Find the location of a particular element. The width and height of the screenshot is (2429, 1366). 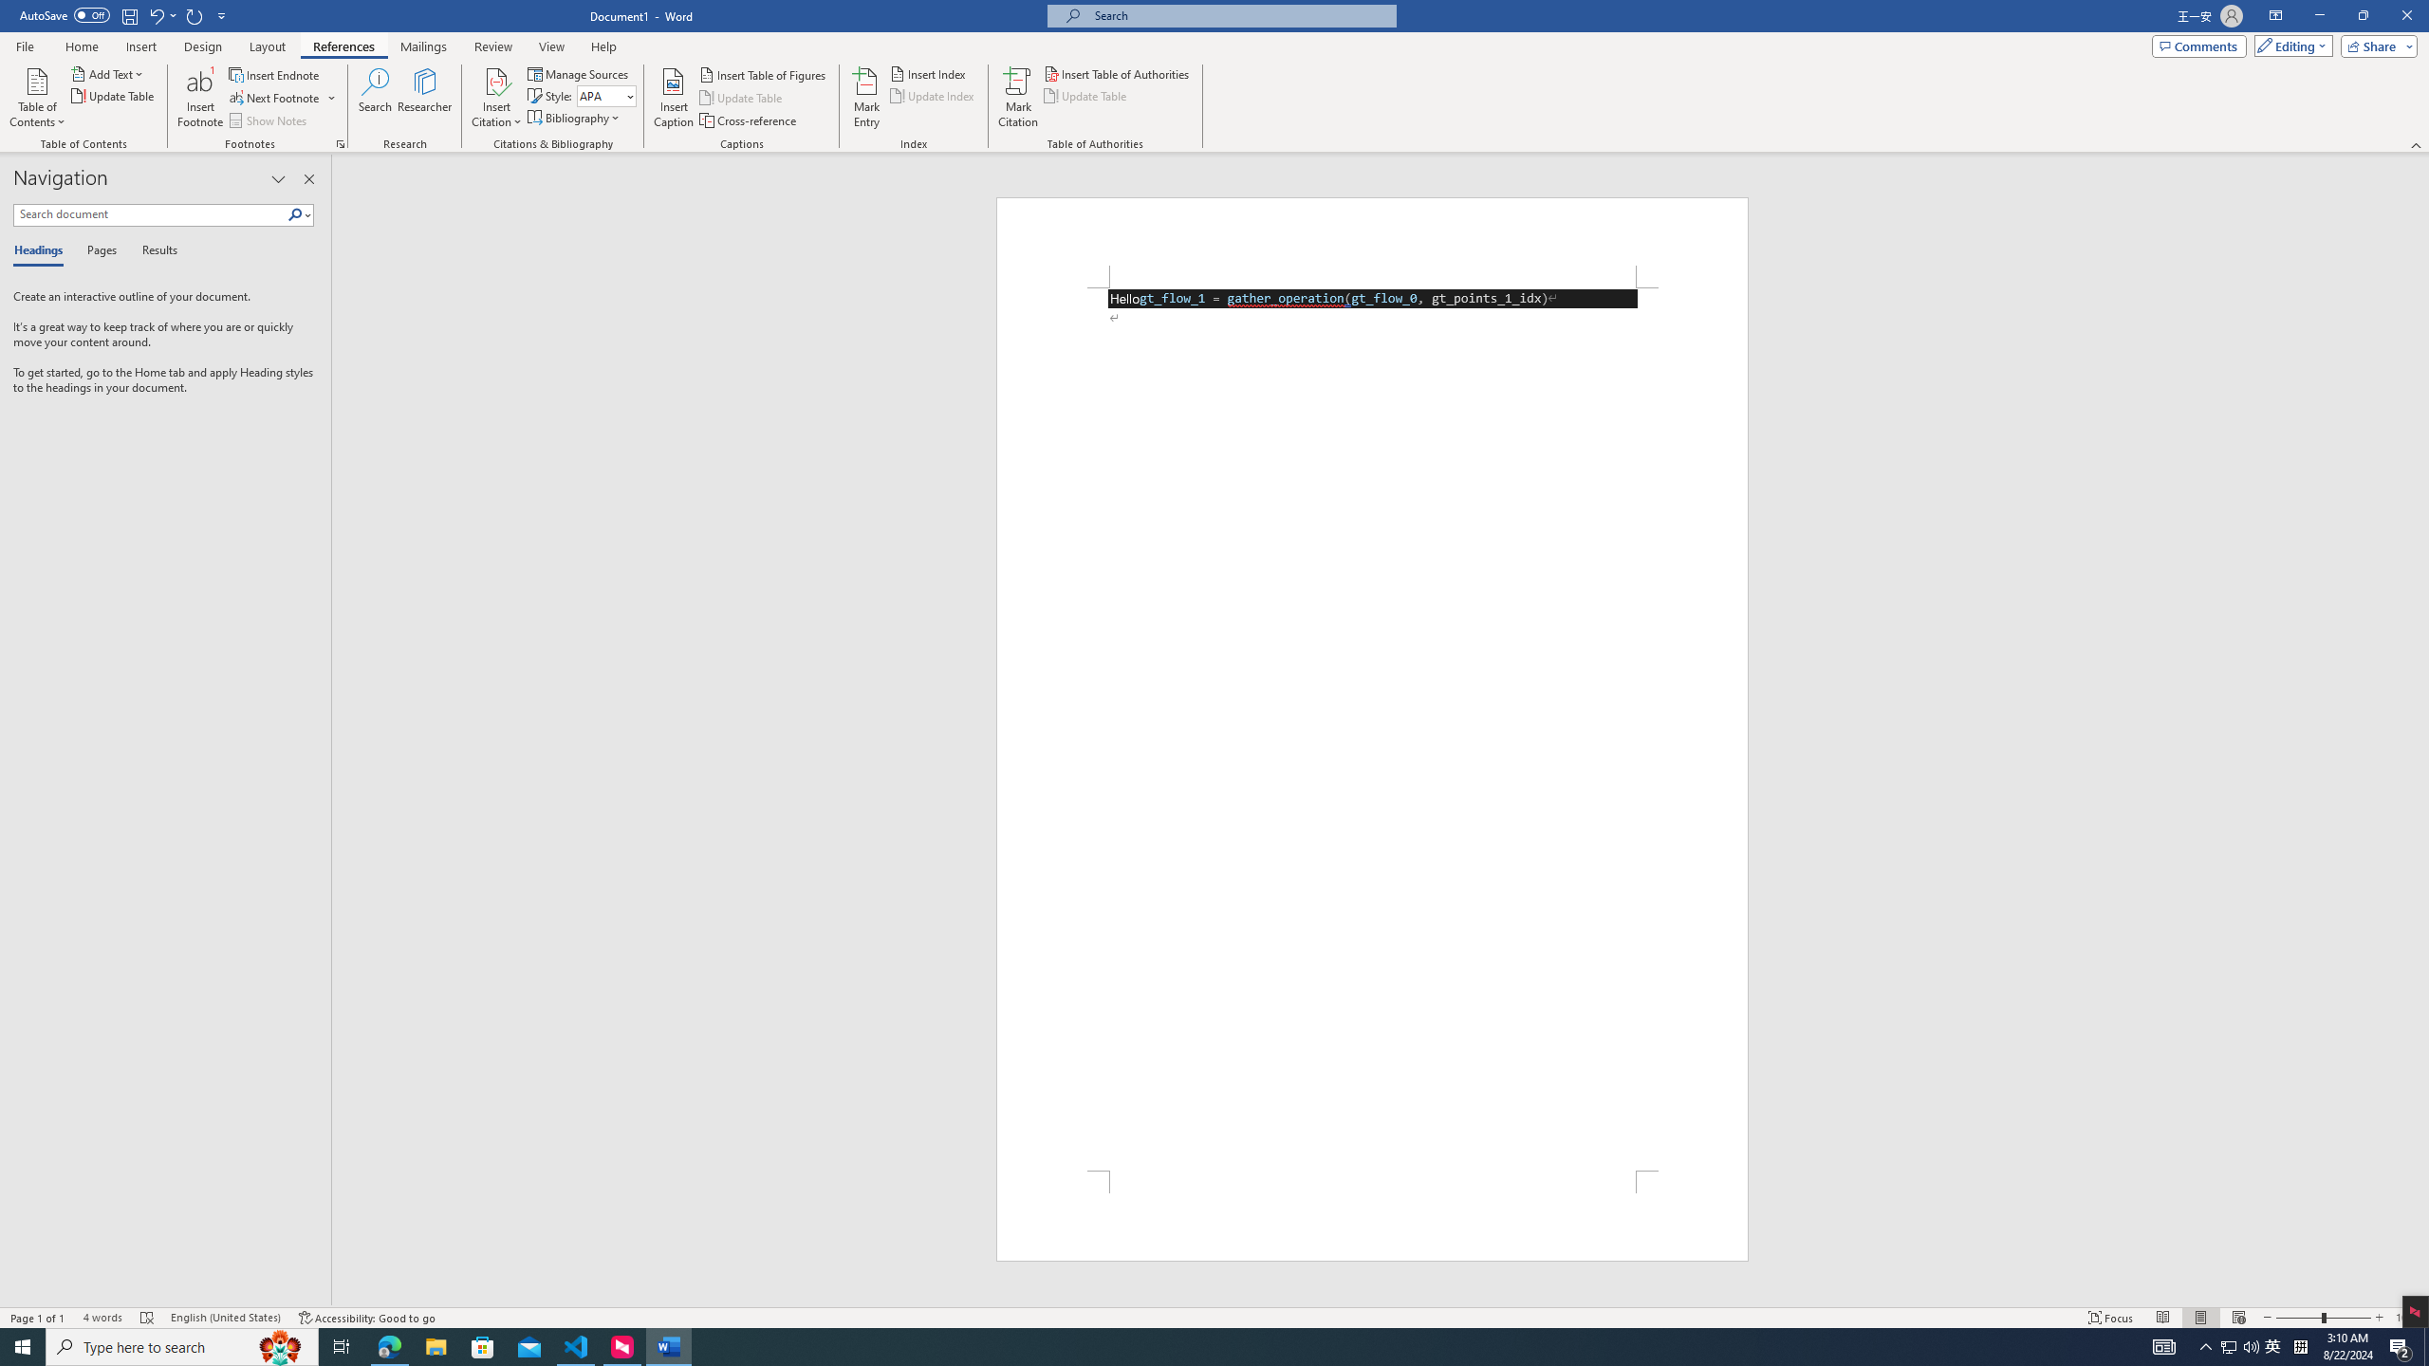

'Search document' is located at coordinates (150, 213).